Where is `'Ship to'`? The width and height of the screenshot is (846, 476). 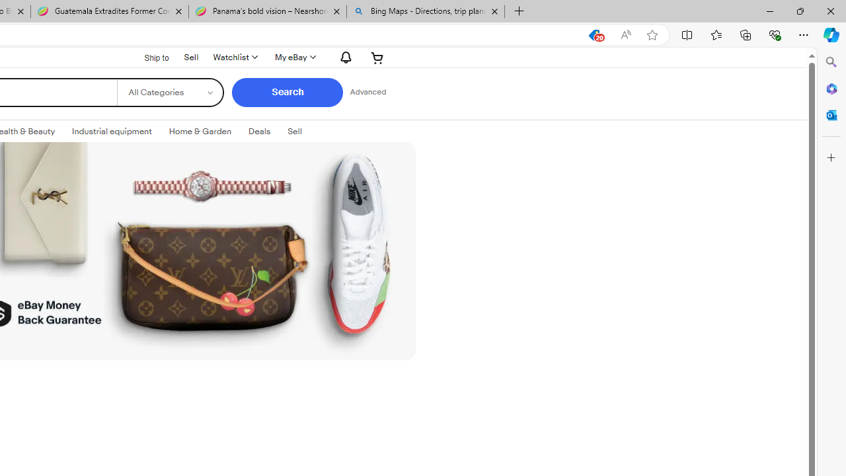 'Ship to' is located at coordinates (148, 56).